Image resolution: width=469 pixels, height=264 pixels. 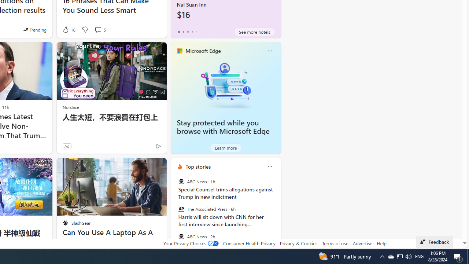 I want to click on 'ABC News', so click(x=181, y=236).